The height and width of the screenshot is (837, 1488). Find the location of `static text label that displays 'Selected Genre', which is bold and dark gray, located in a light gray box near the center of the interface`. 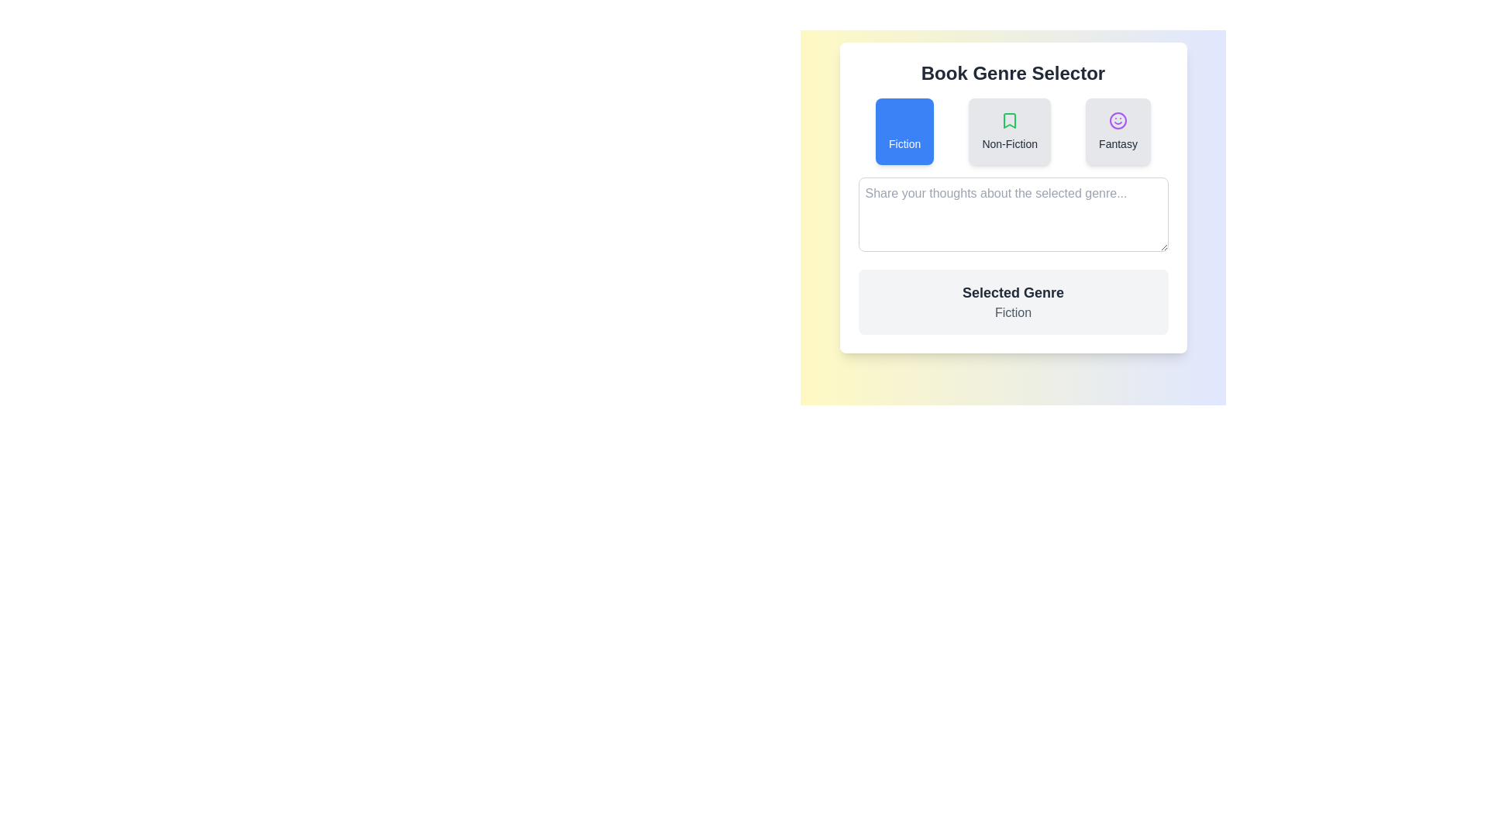

static text label that displays 'Selected Genre', which is bold and dark gray, located in a light gray box near the center of the interface is located at coordinates (1013, 293).